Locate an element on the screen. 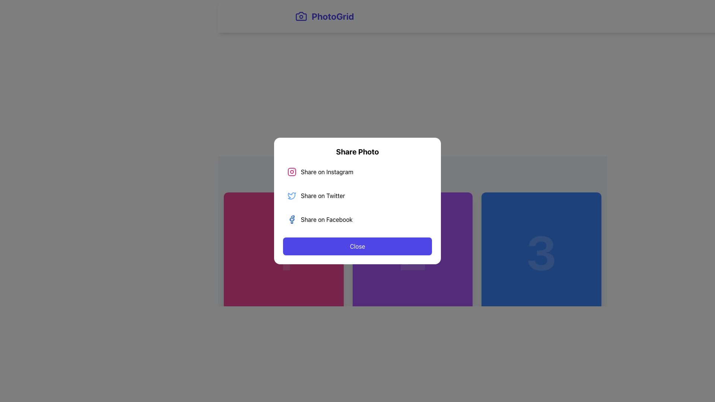 The image size is (715, 402). the 'Share on Facebook' label in the 'Share Photo' modal, which is styled in a standard sans-serif font and is presented in black text color is located at coordinates (327, 219).